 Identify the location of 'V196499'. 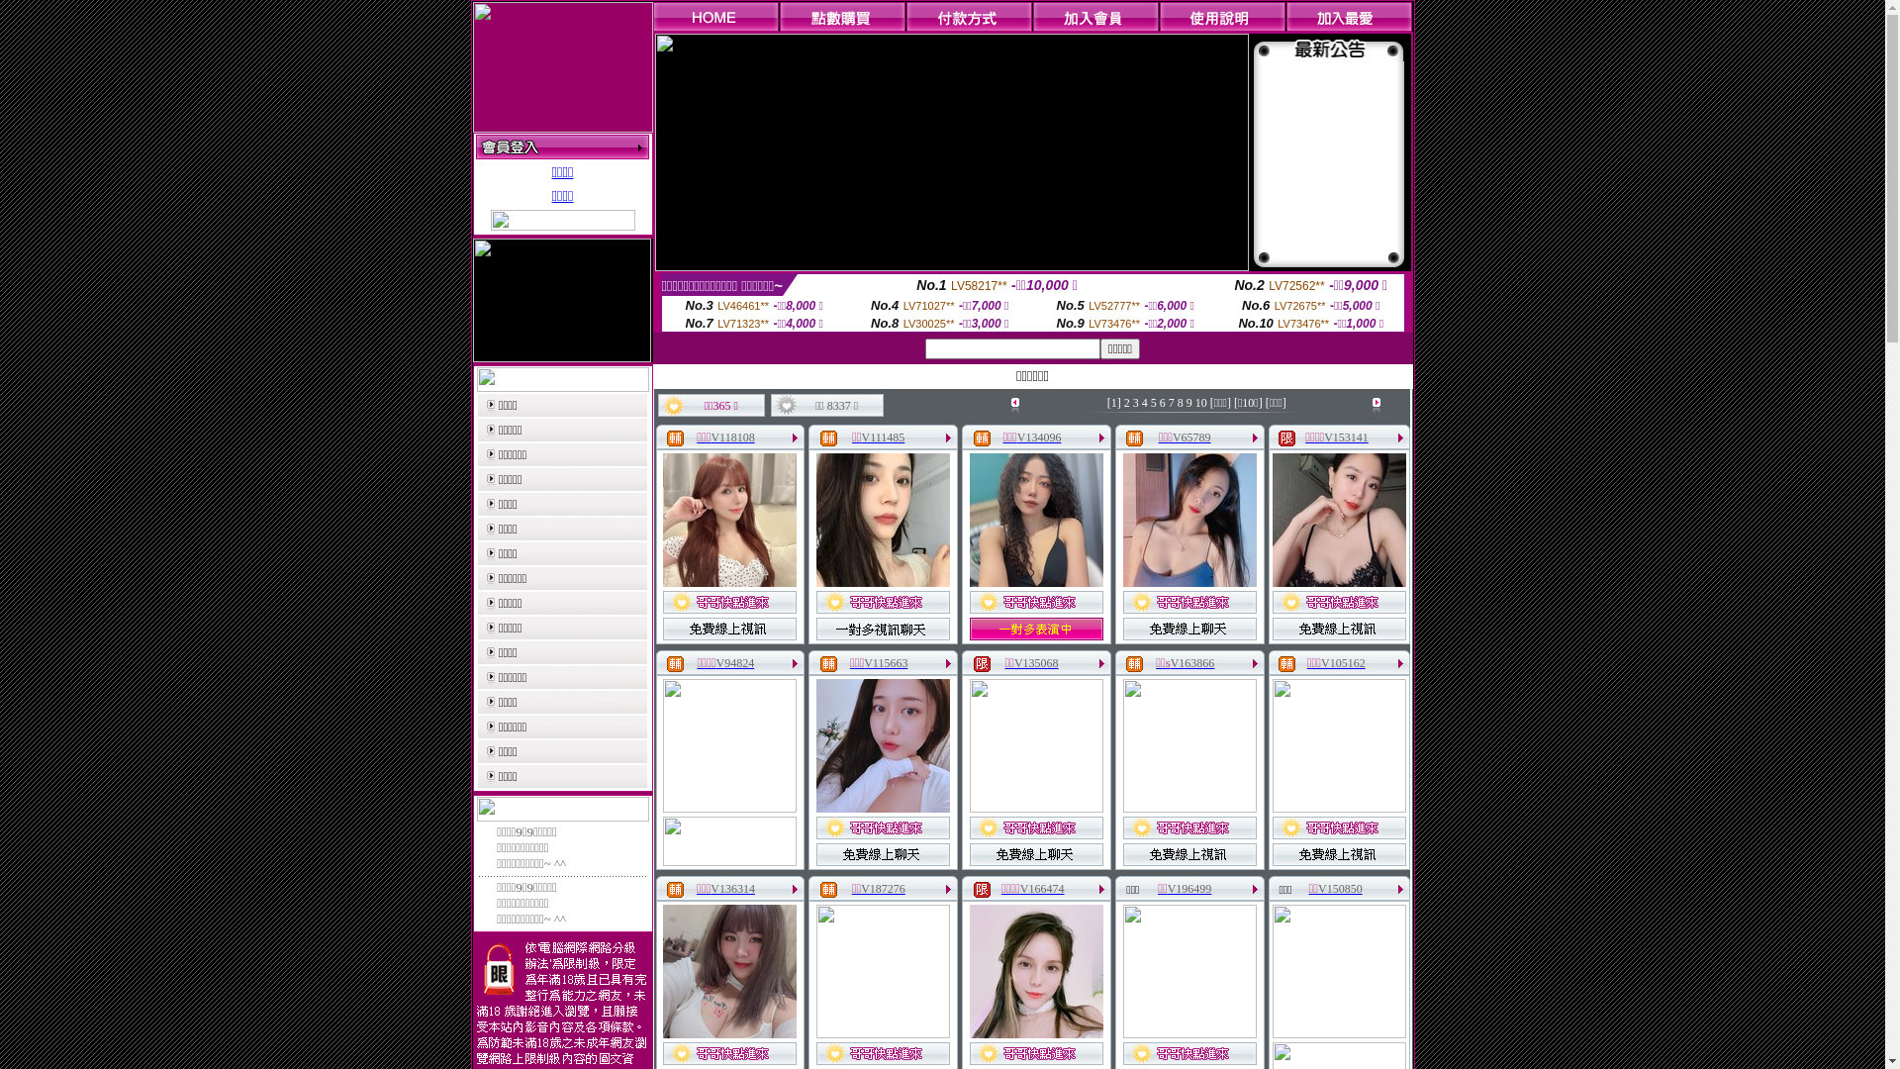
(1188, 888).